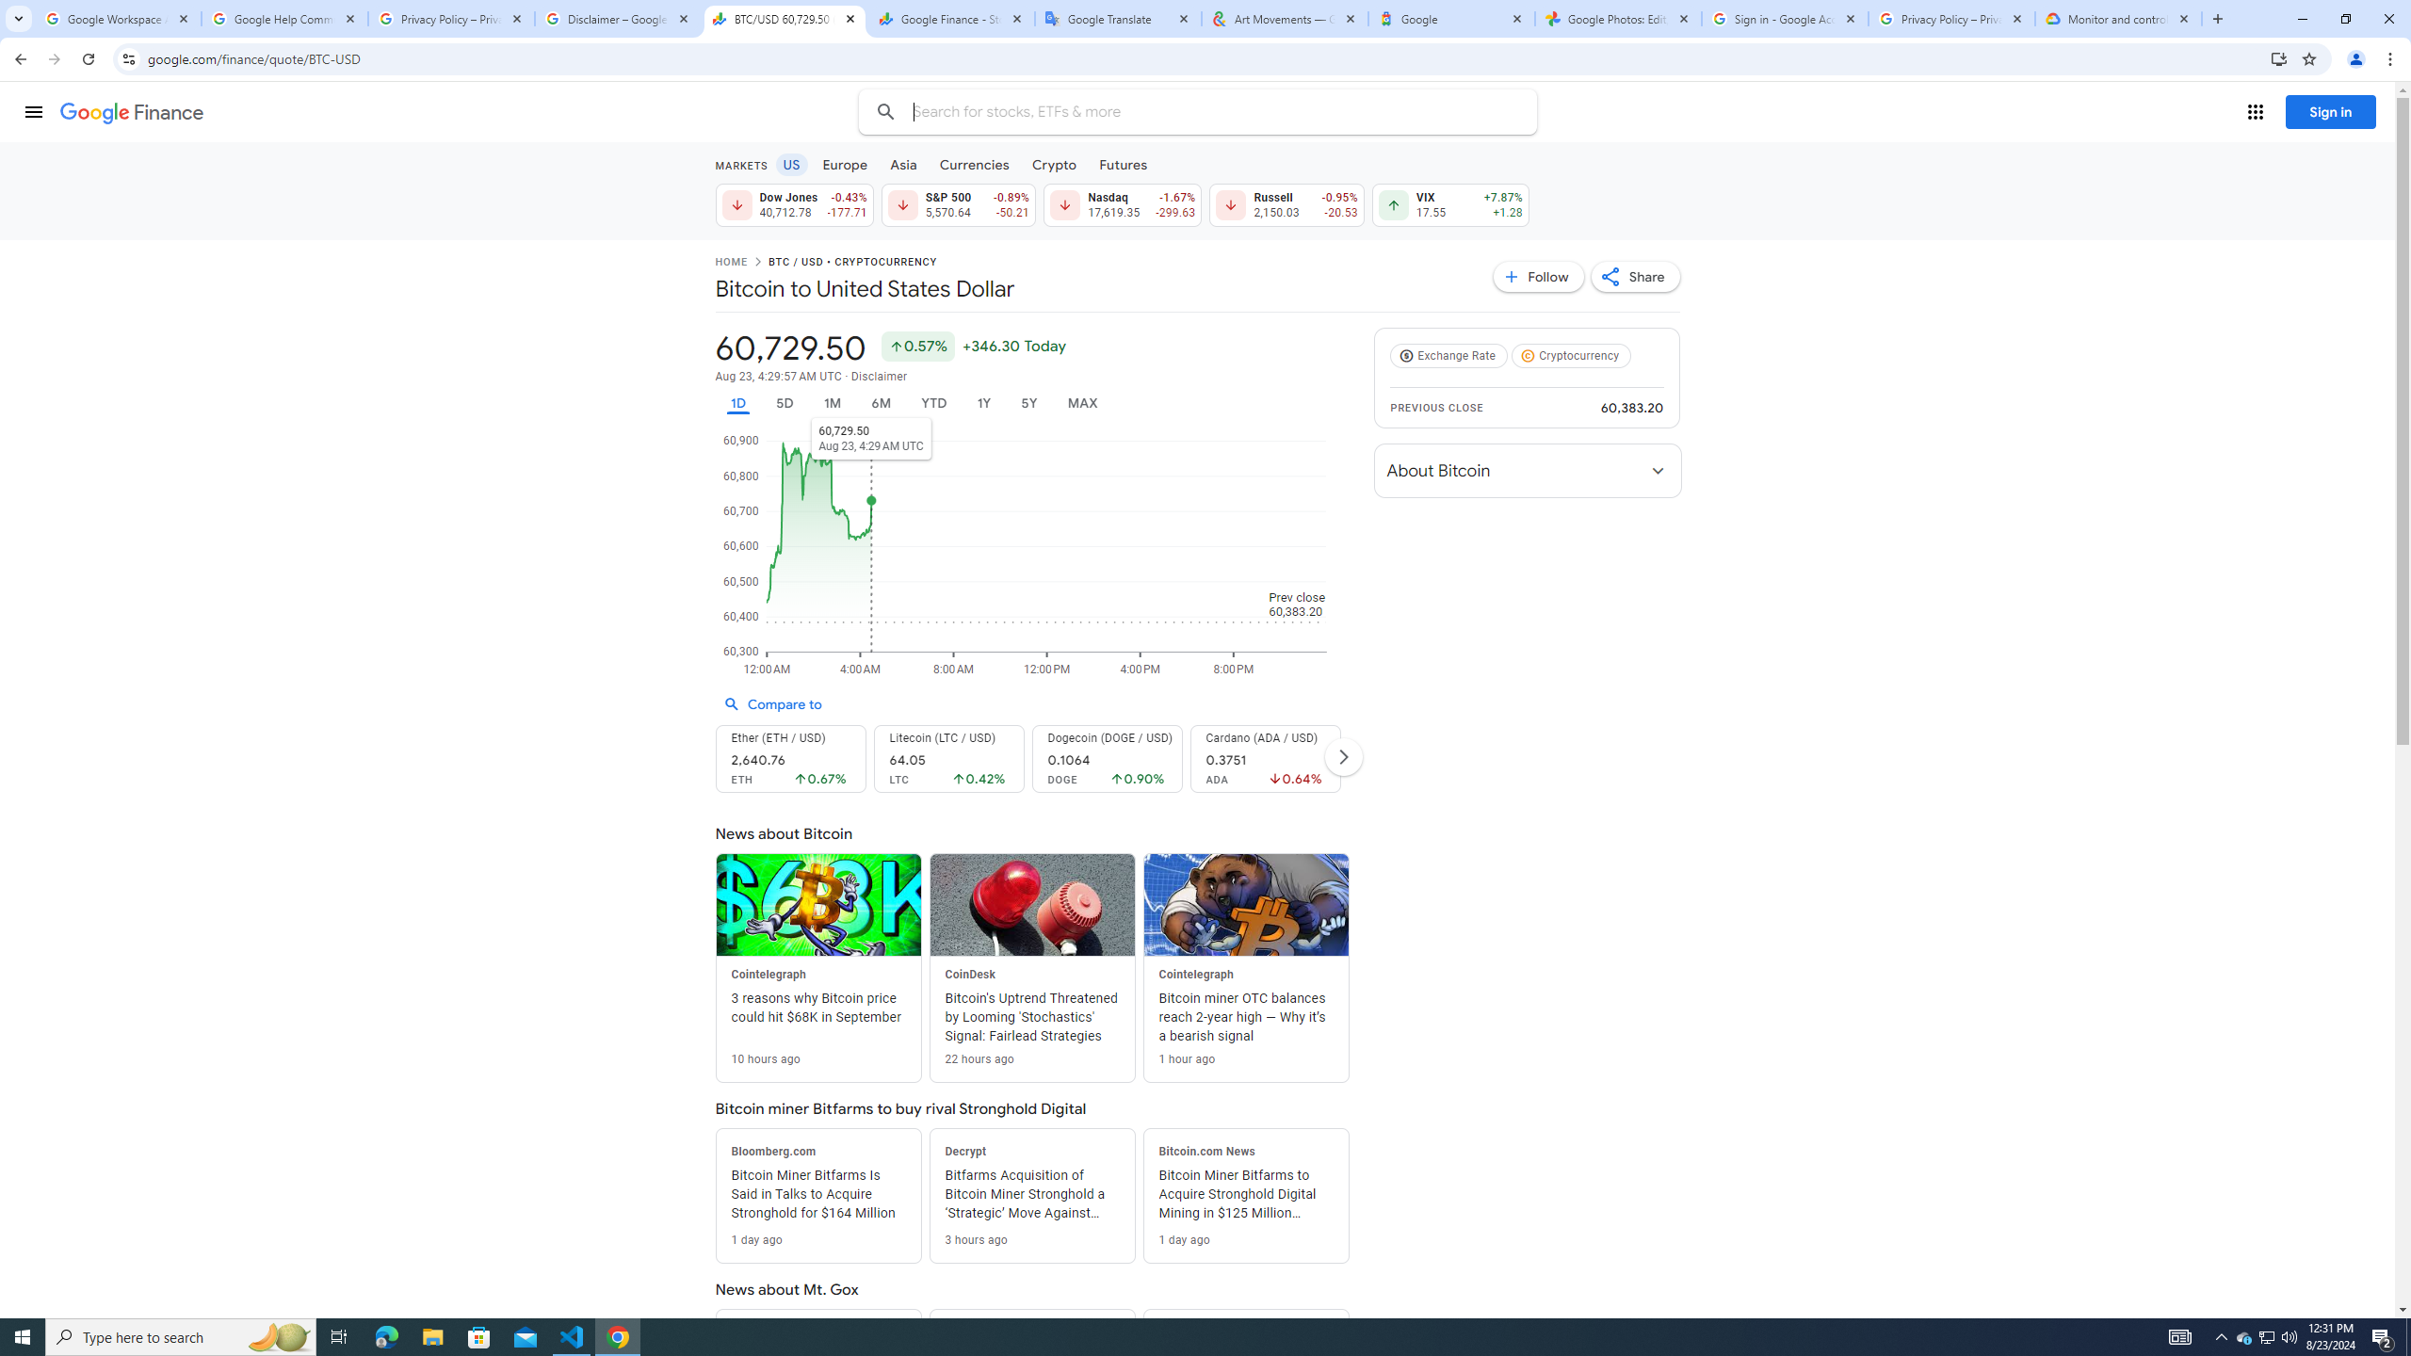 The image size is (2411, 1356). What do you see at coordinates (729, 263) in the screenshot?
I see `'HOME'` at bounding box center [729, 263].